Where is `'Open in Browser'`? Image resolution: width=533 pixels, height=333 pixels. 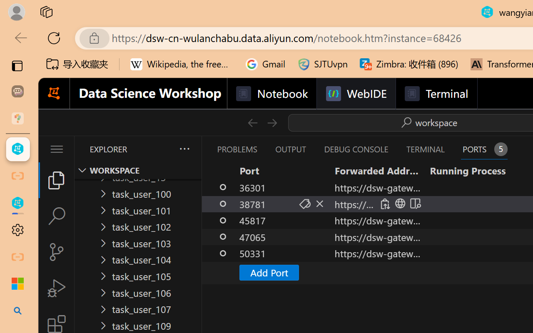 'Open in Browser' is located at coordinates (399, 204).